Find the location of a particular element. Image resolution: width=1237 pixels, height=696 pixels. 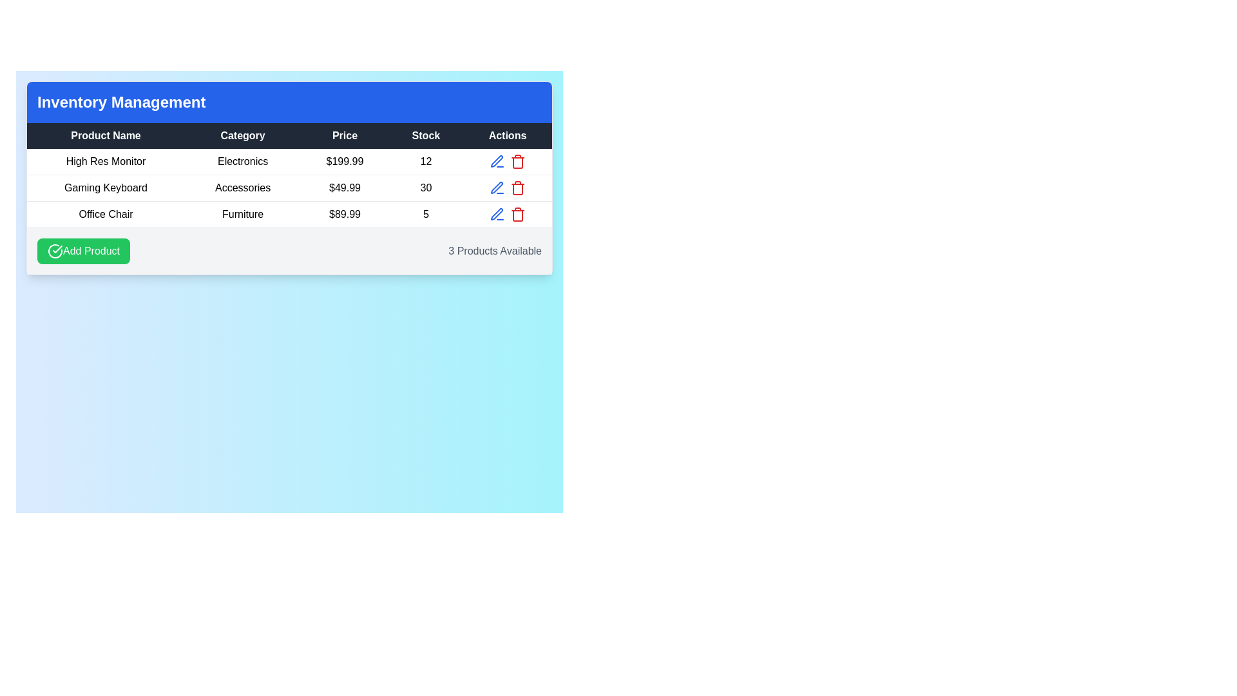

the stock count label displaying '12' for the 'High Res Monitor' product, located in the fourth column of the first data row of the table is located at coordinates (426, 161).